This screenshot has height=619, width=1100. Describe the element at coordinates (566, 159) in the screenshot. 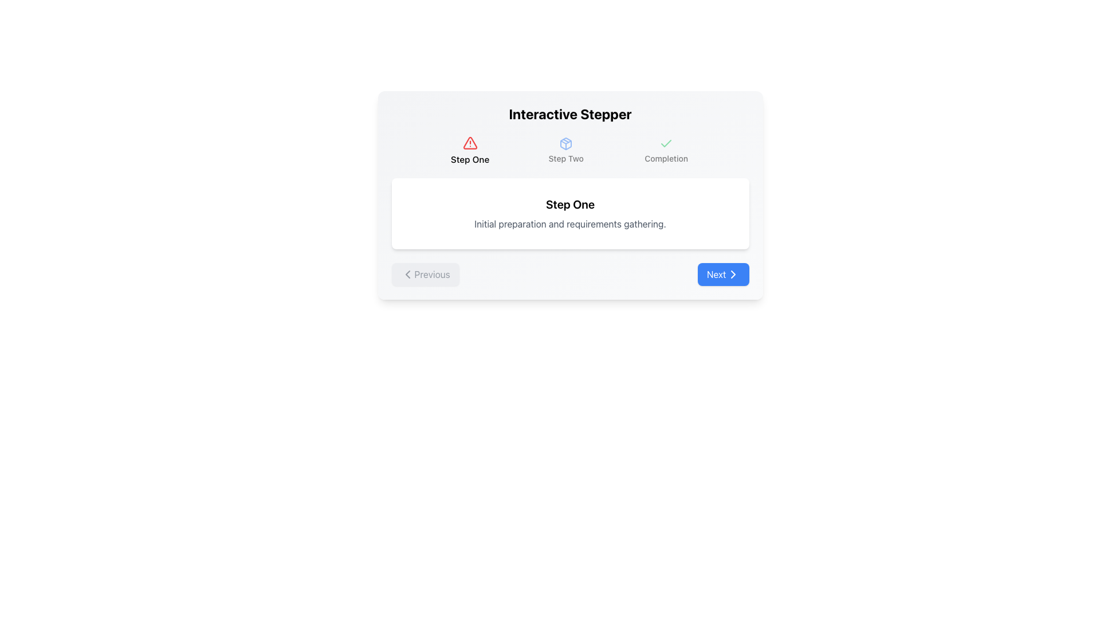

I see `the 'Step Two' text label, which is positioned beneath the icon for the second step in the stepper component` at that location.